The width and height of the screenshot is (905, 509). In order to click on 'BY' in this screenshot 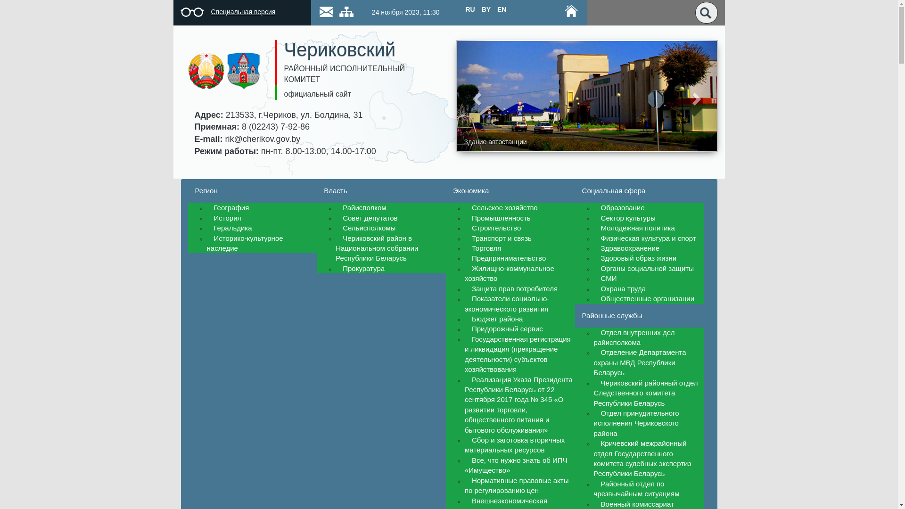, I will do `click(486, 9)`.